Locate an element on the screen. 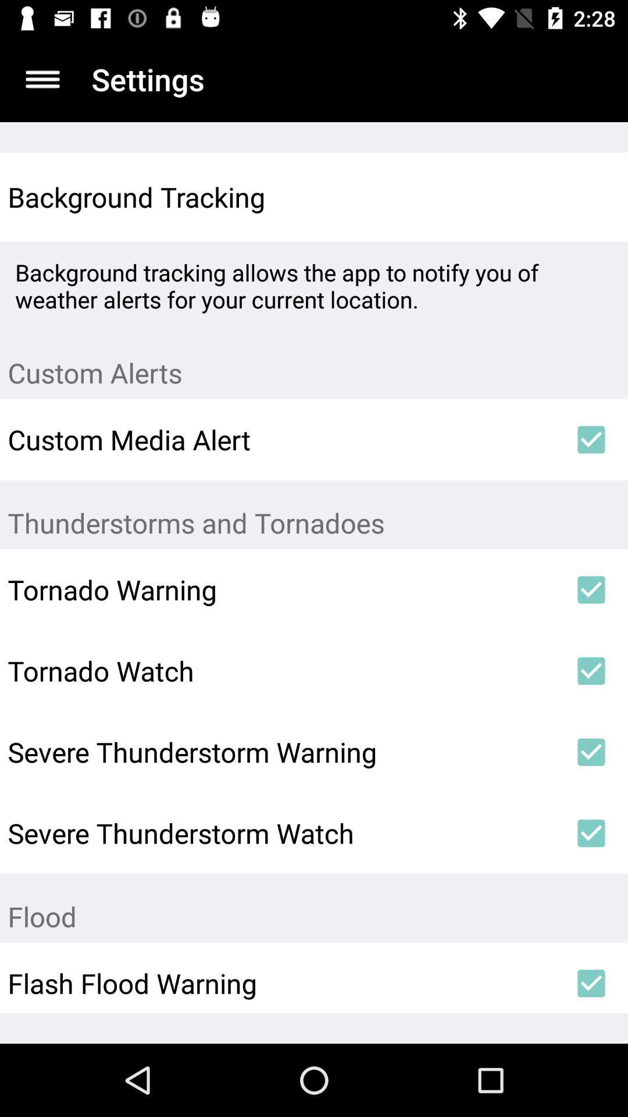 The image size is (628, 1117). the item to the right of the severe thunderstorm warning is located at coordinates (591, 752).